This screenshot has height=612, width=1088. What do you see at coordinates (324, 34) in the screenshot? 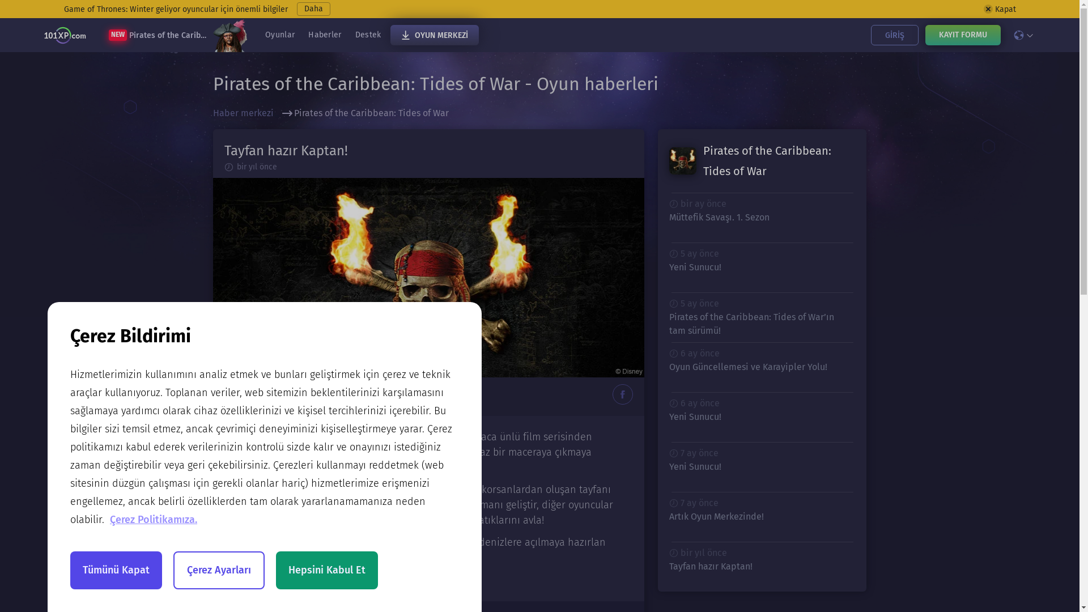
I see `'Haberler'` at bounding box center [324, 34].